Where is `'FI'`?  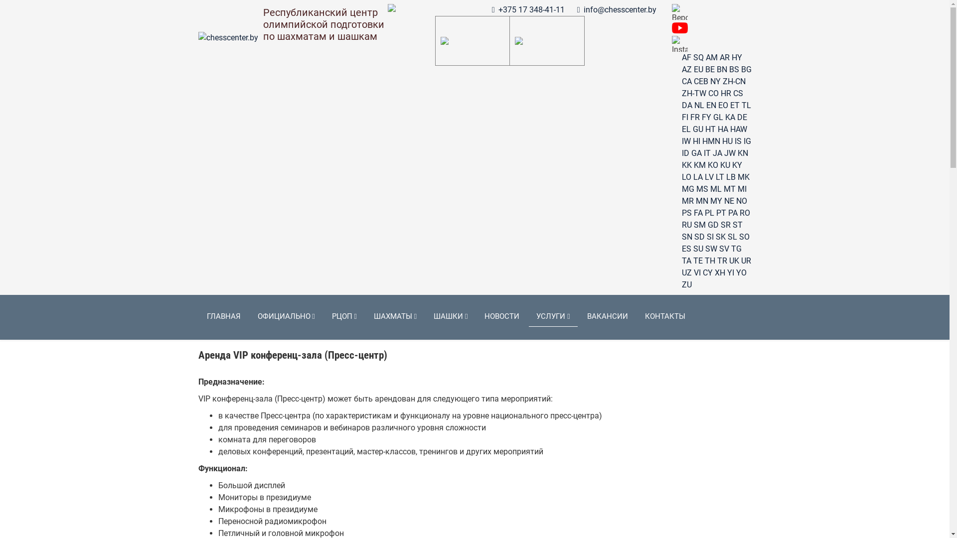 'FI' is located at coordinates (684, 117).